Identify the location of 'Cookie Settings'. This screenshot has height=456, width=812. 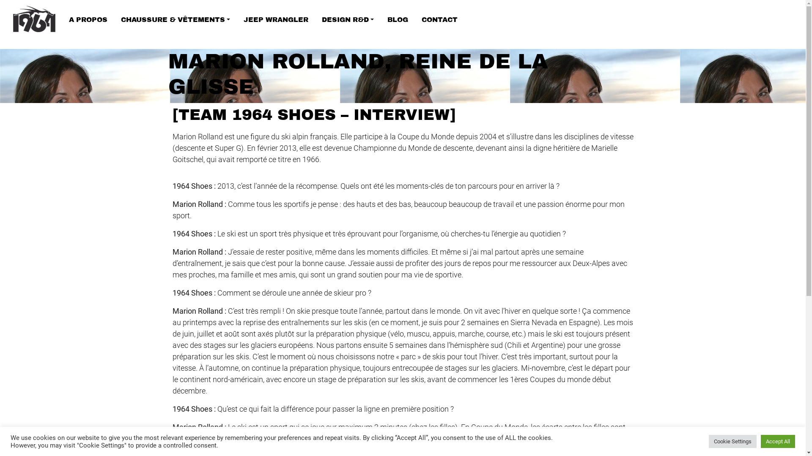
(732, 441).